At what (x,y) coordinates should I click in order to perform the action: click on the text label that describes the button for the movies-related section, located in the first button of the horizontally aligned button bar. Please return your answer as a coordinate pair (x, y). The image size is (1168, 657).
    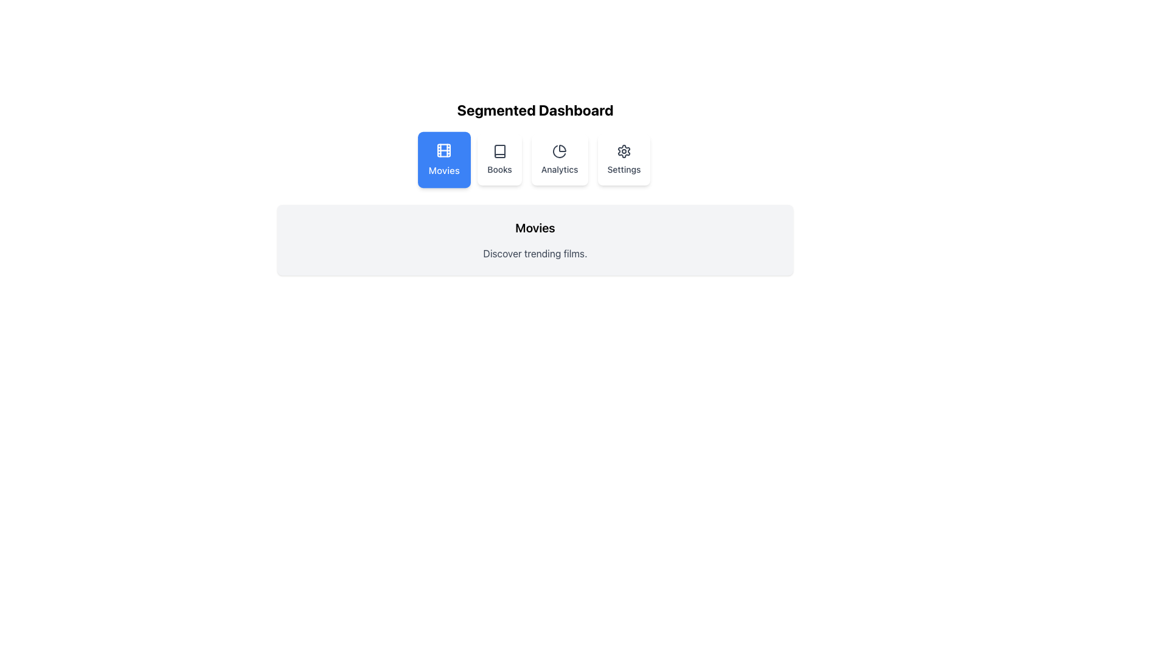
    Looking at the image, I should click on (443, 170).